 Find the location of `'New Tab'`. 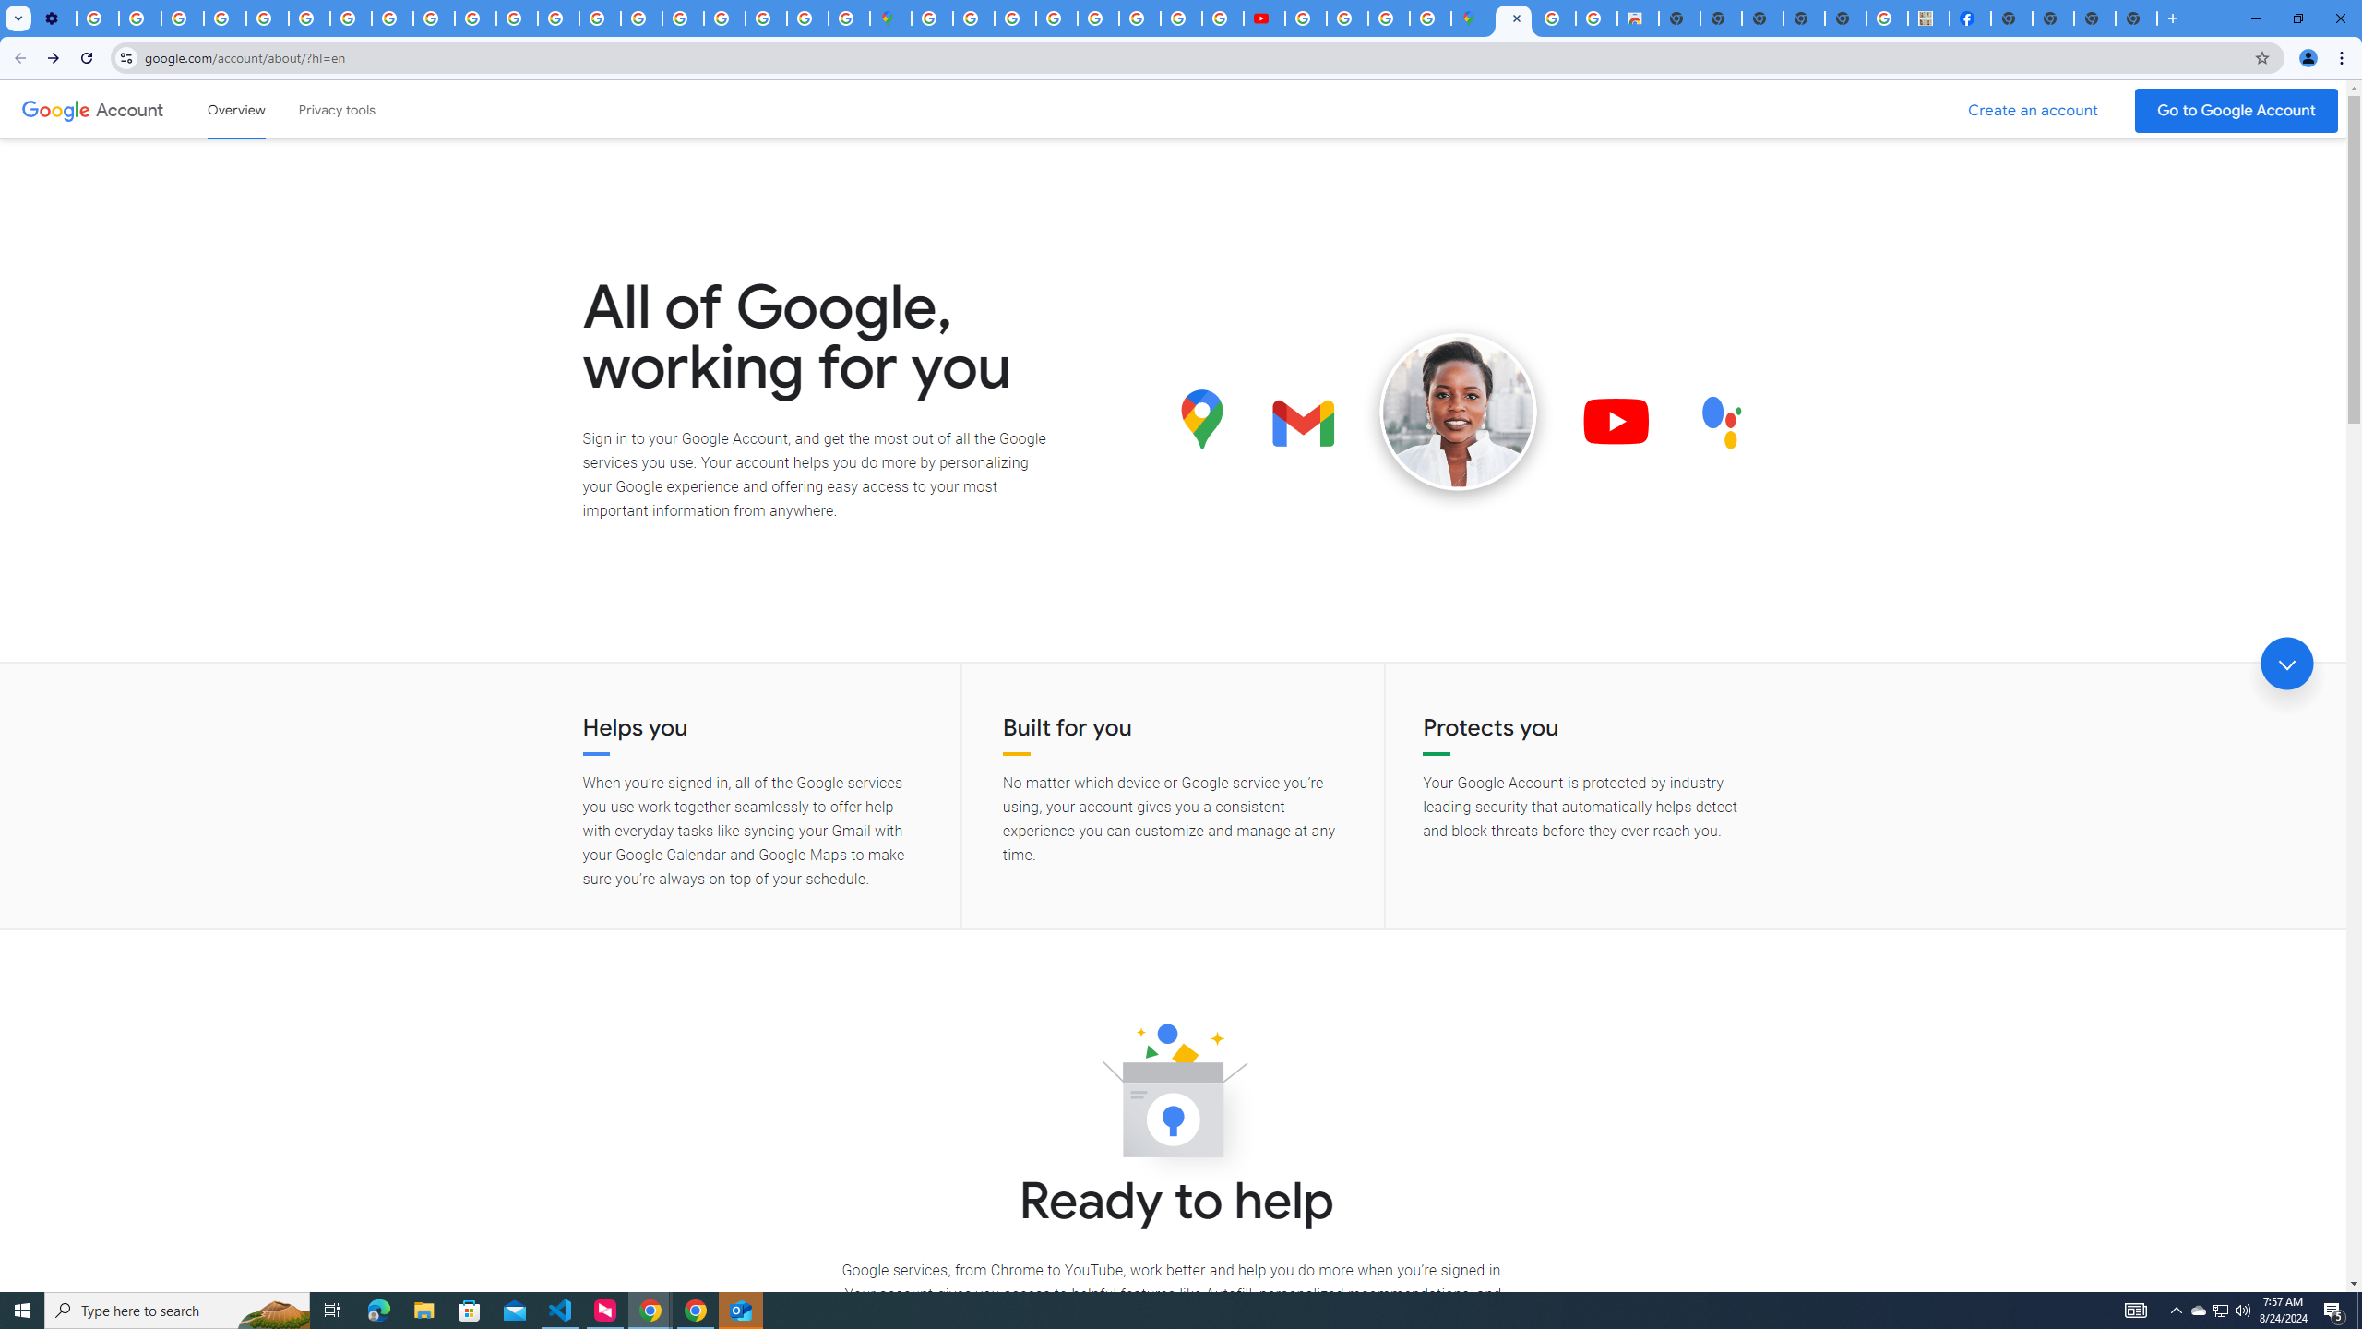

'New Tab' is located at coordinates (2136, 18).